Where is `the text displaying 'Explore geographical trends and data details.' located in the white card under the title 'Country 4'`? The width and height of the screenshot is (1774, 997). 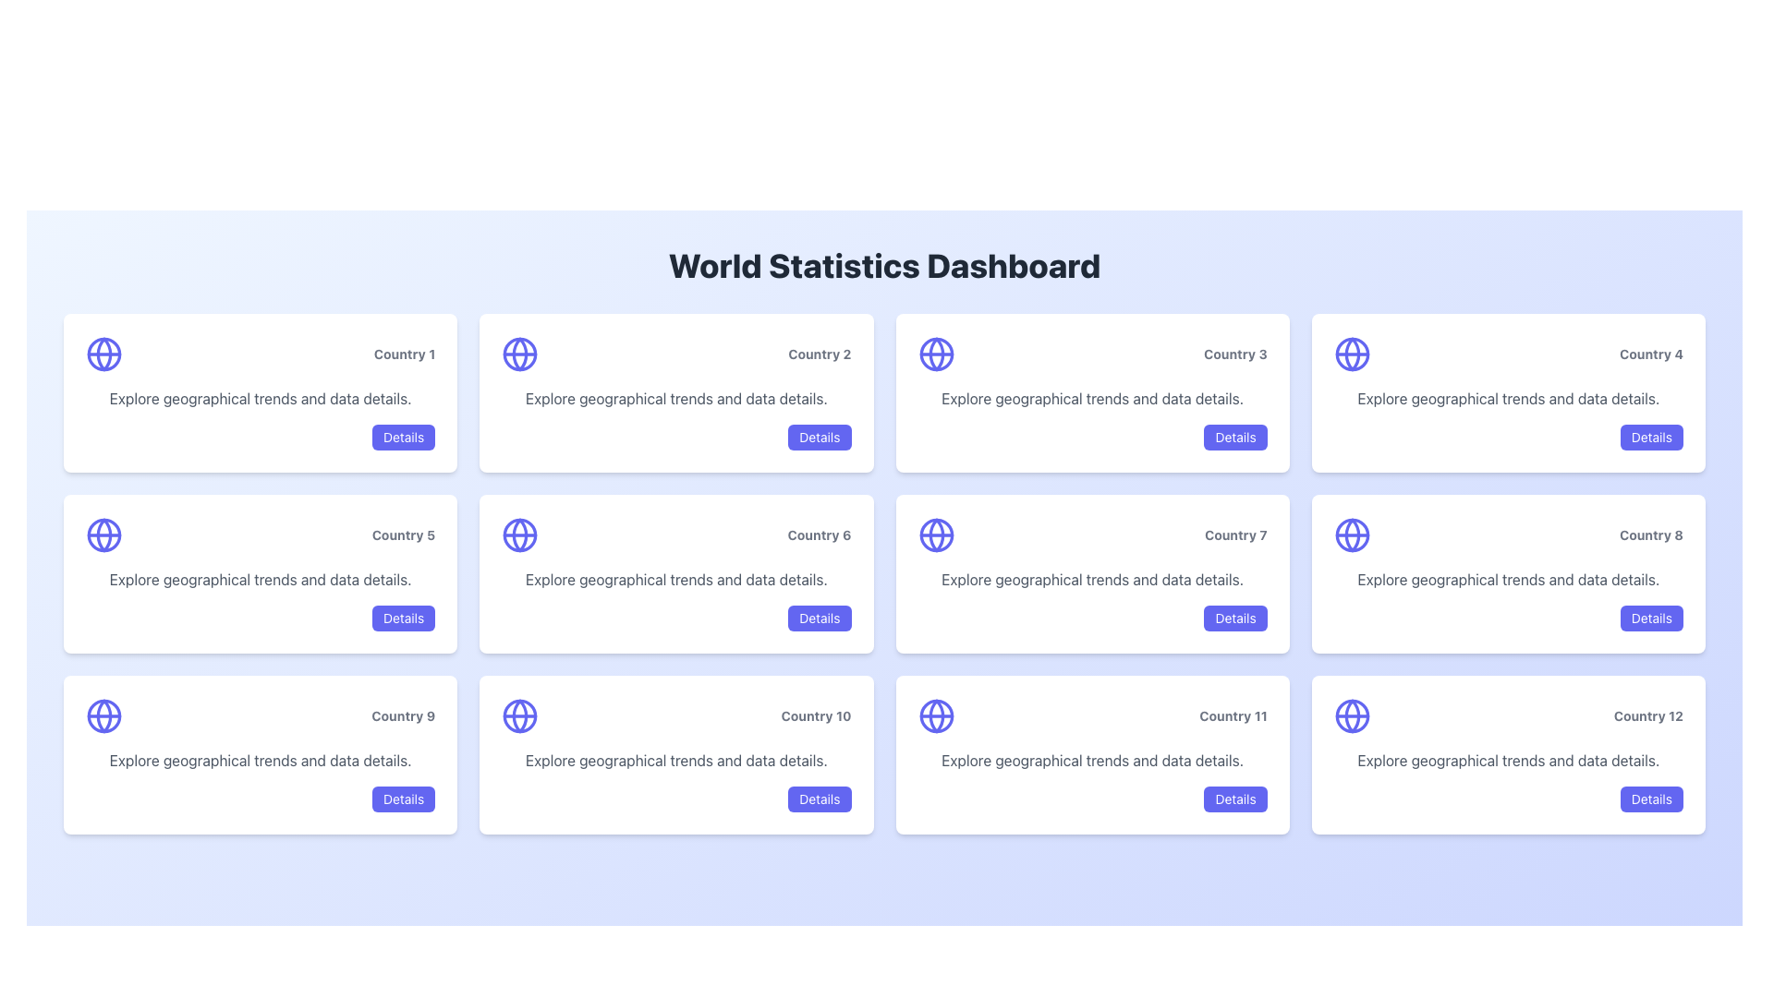
the text displaying 'Explore geographical trends and data details.' located in the white card under the title 'Country 4' is located at coordinates (1508, 398).